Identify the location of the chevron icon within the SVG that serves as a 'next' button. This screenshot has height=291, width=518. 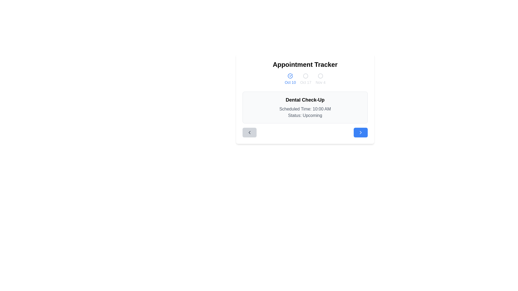
(361, 133).